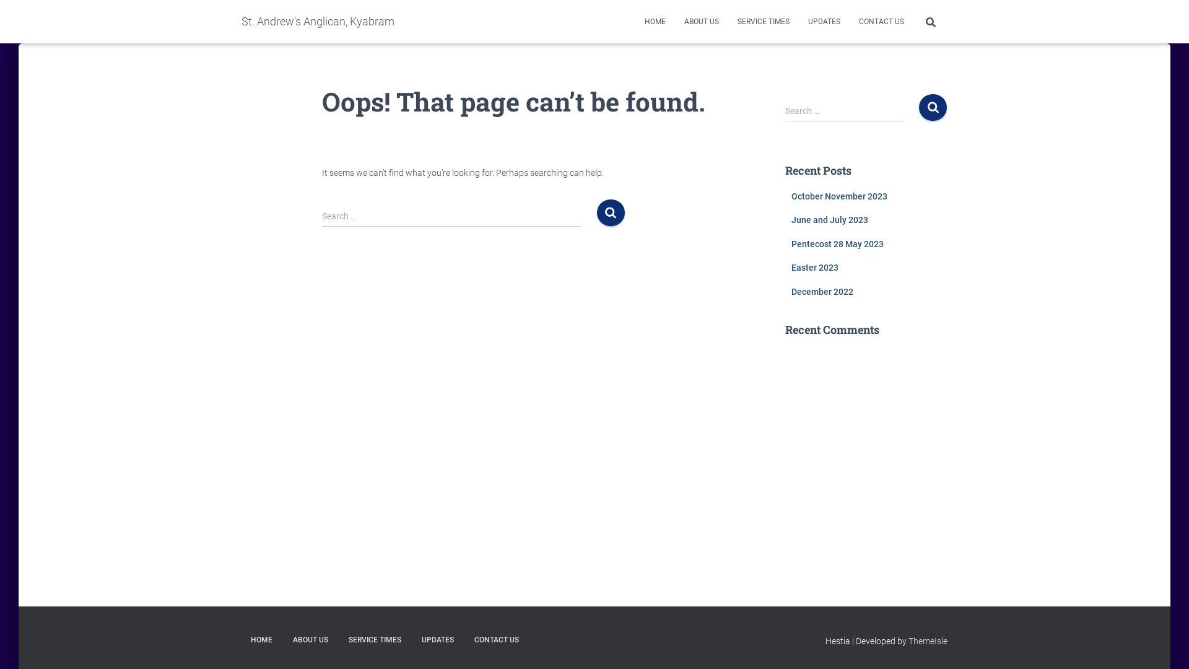 Image resolution: width=1189 pixels, height=669 pixels. Describe the element at coordinates (790, 219) in the screenshot. I see `'June and July 2023'` at that location.